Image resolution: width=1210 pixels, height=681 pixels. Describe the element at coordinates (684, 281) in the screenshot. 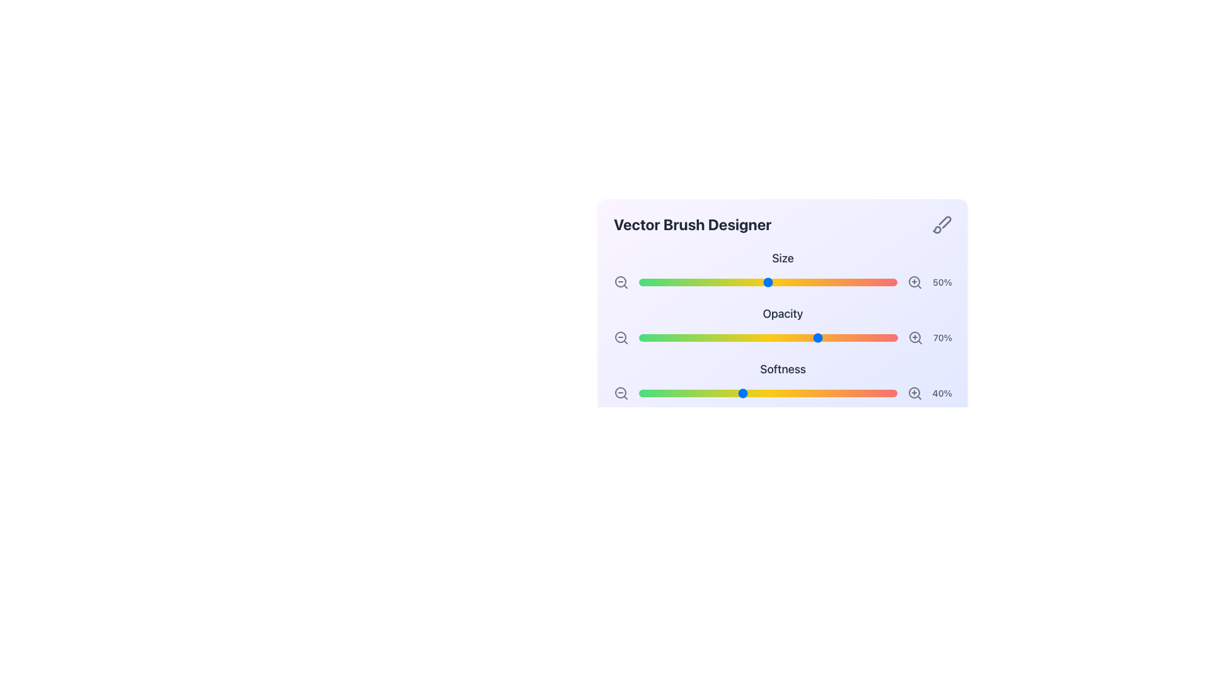

I see `the slider value` at that location.